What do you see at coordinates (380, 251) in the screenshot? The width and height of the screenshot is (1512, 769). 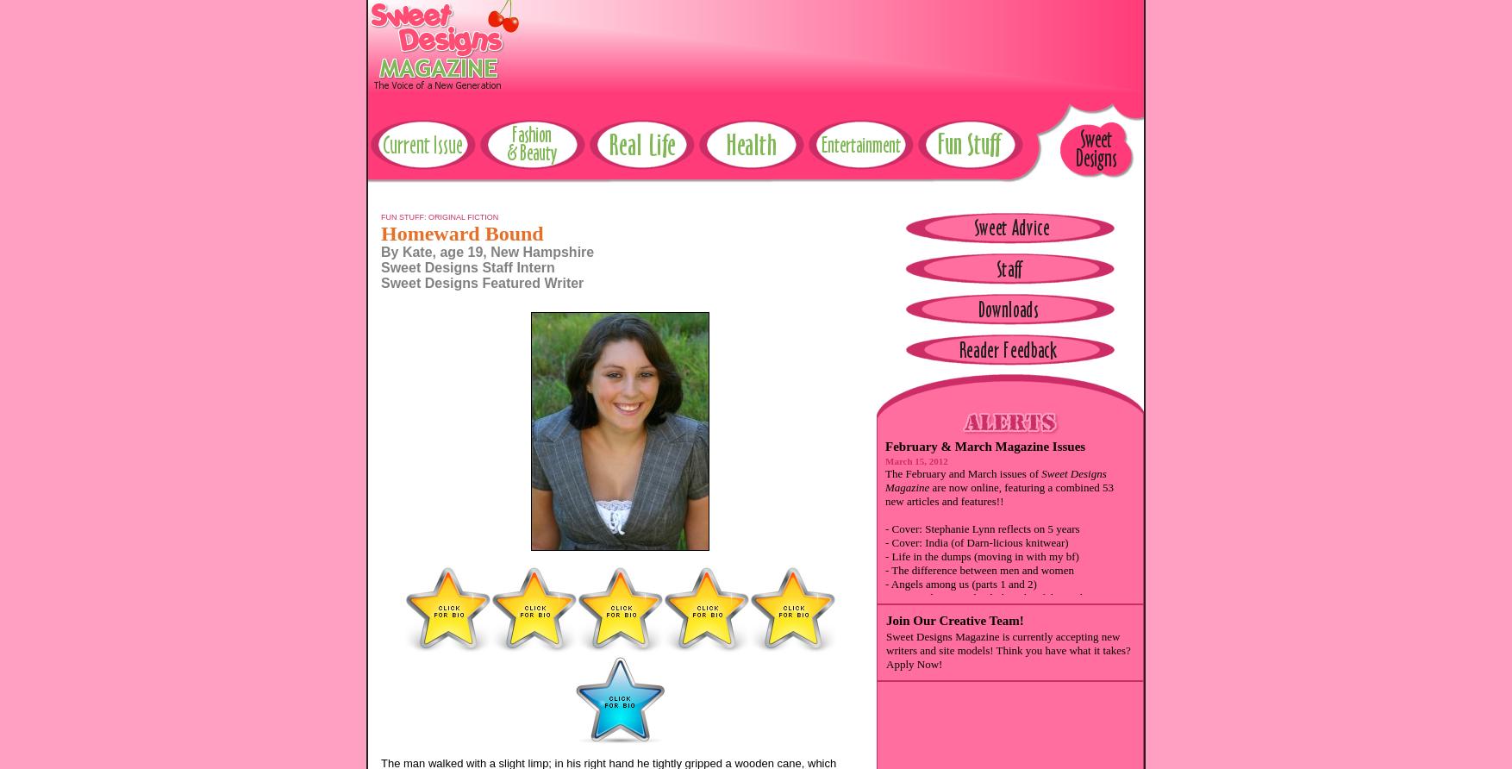 I see `'By Kate, age 19, New Hampshire'` at bounding box center [380, 251].